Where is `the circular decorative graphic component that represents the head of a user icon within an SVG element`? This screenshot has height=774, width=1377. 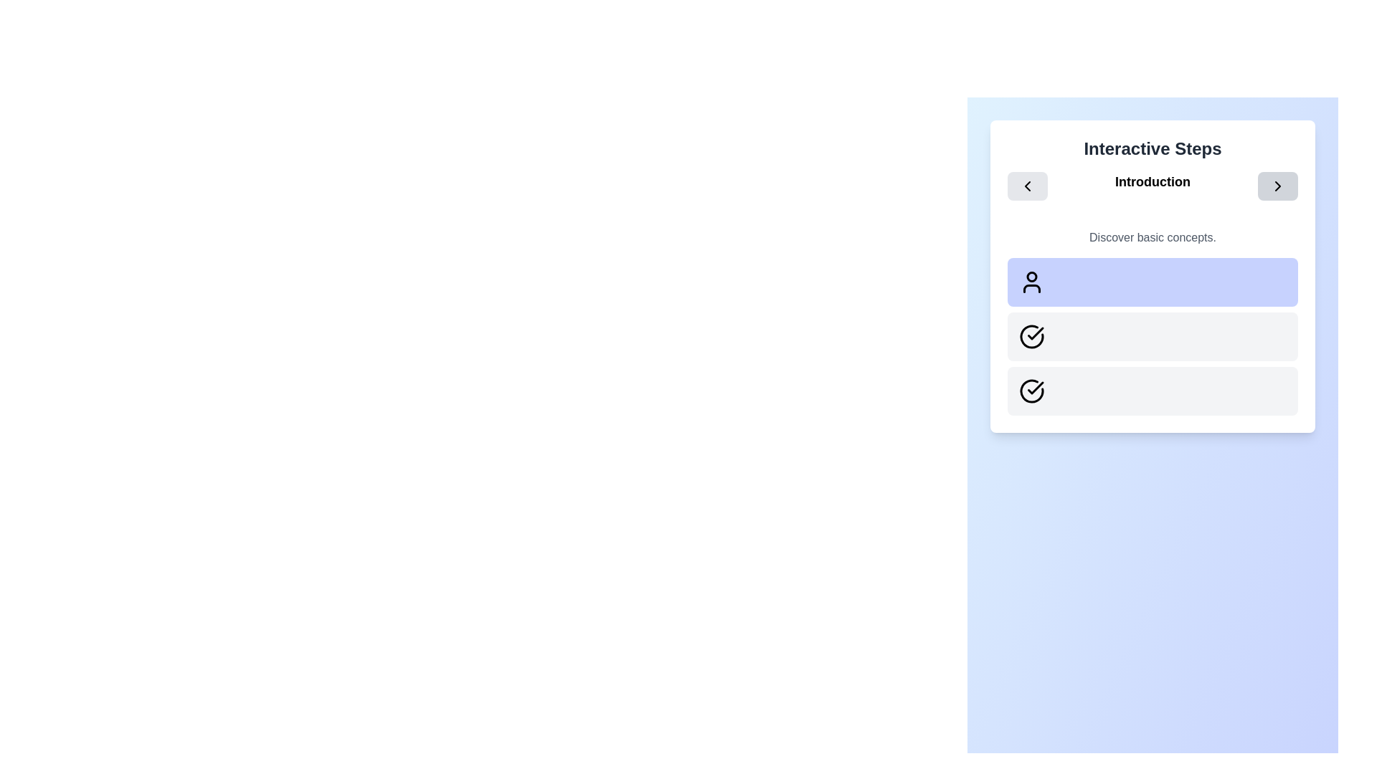 the circular decorative graphic component that represents the head of a user icon within an SVG element is located at coordinates (1031, 277).